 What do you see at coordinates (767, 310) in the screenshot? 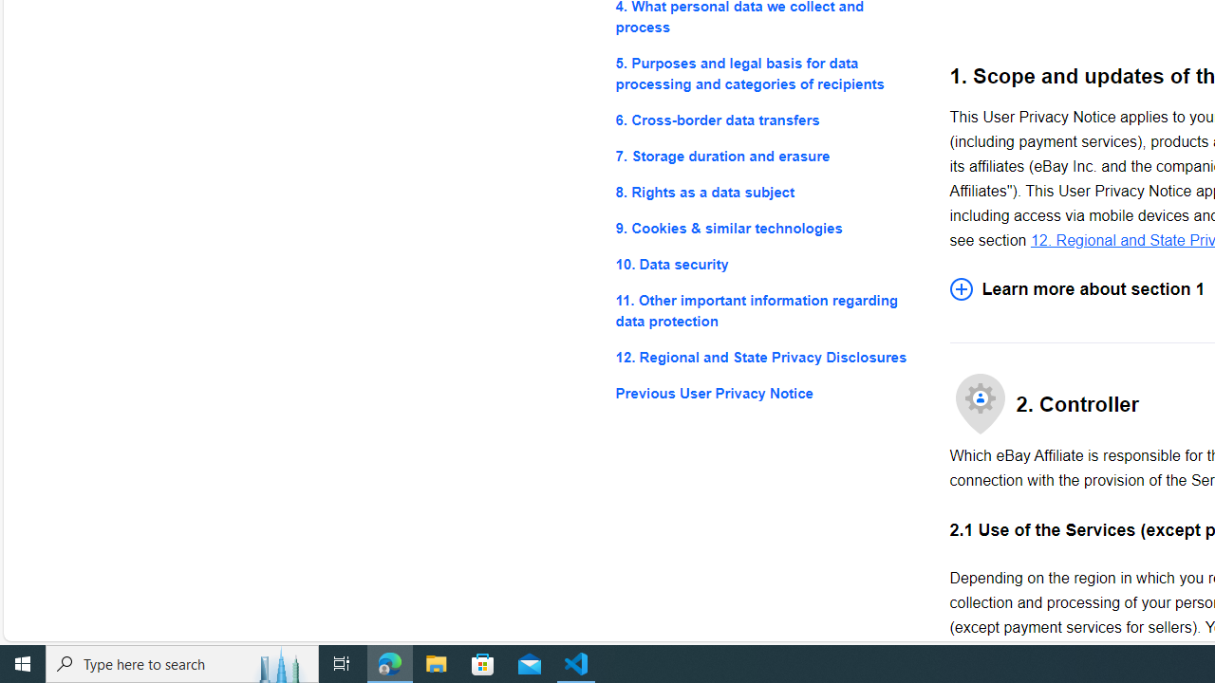
I see `'11. Other important information regarding data protection'` at bounding box center [767, 310].